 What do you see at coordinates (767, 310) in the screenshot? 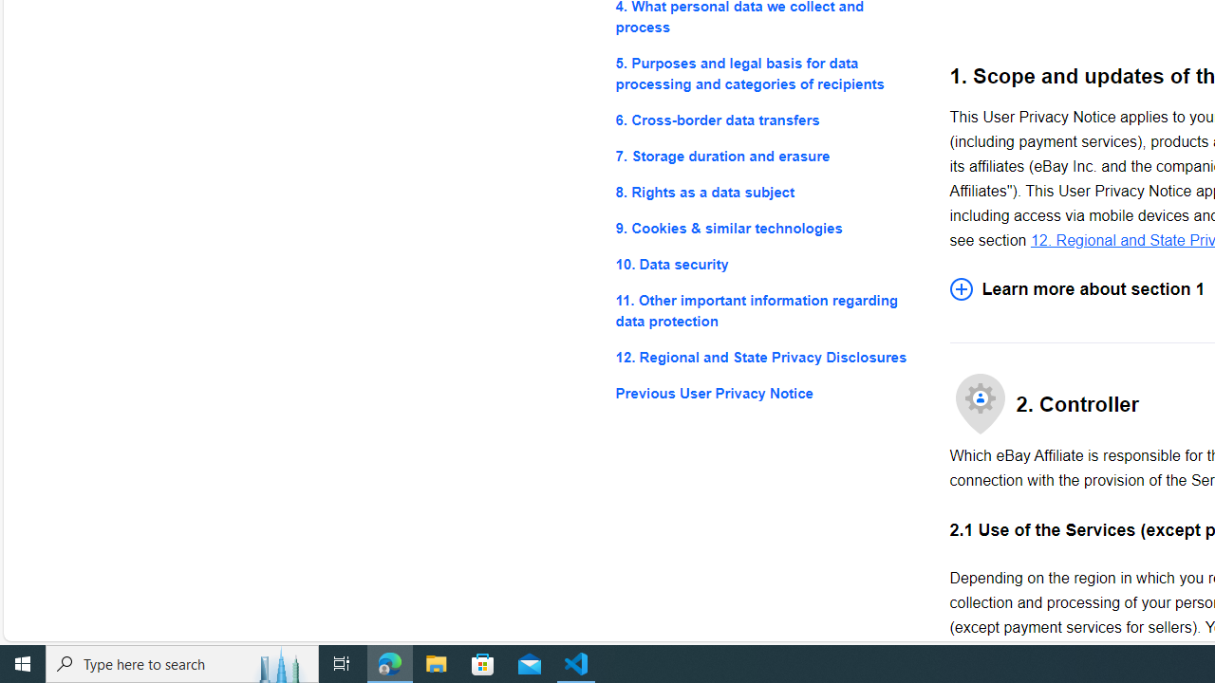
I see `'11. Other important information regarding data protection'` at bounding box center [767, 310].